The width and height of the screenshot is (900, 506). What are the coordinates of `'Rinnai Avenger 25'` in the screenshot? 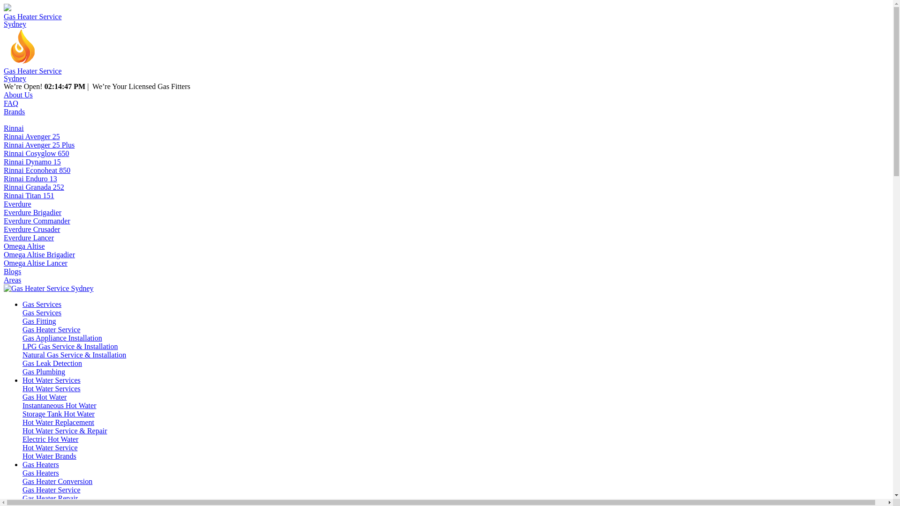 It's located at (31, 136).